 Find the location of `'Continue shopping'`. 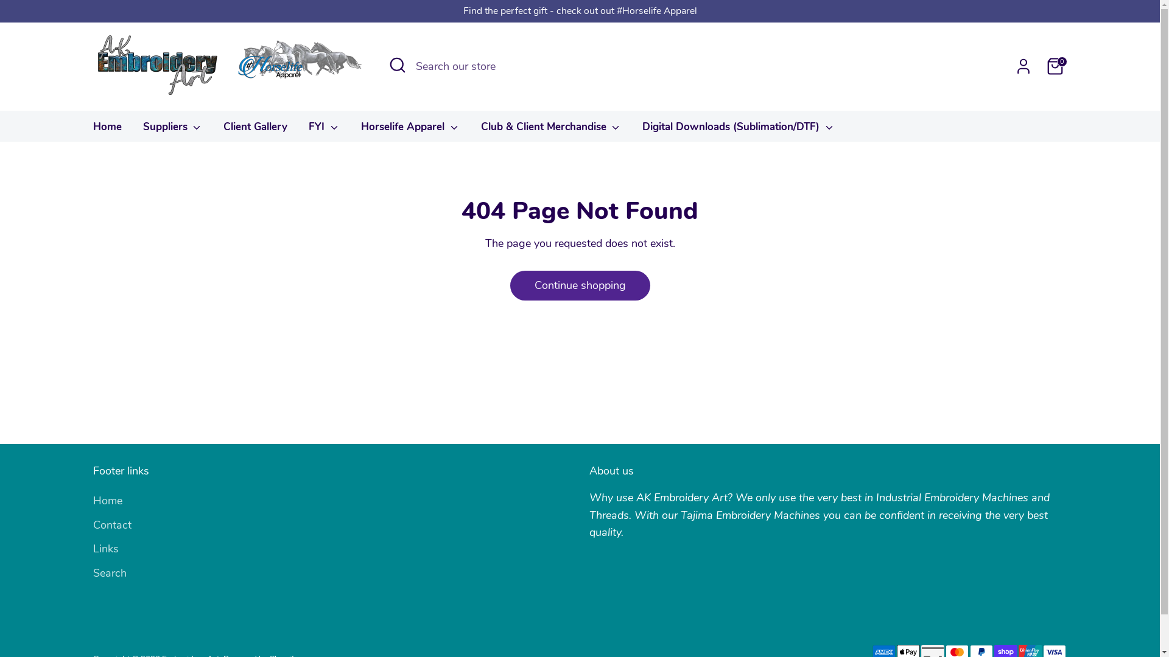

'Continue shopping' is located at coordinates (578, 285).